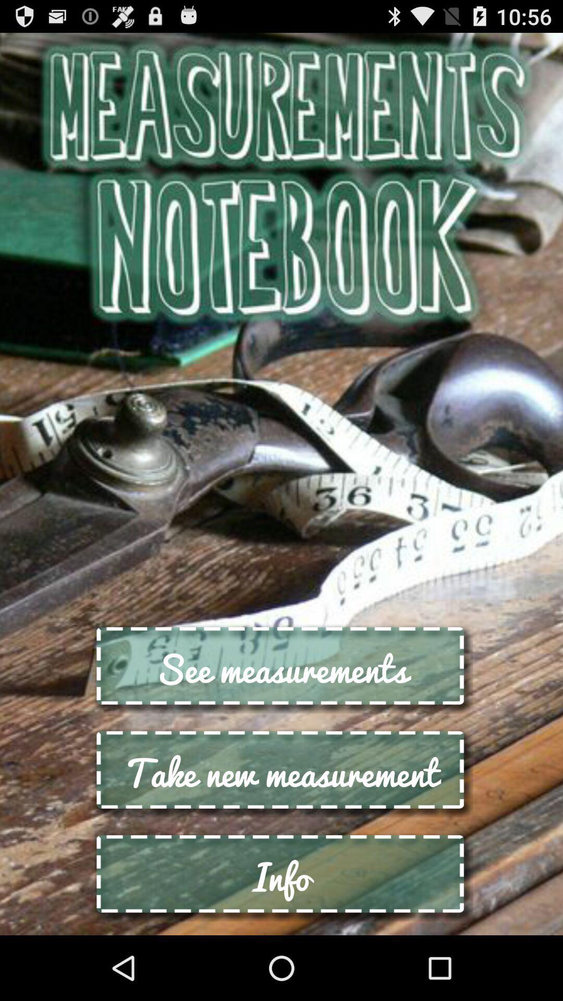  Describe the element at coordinates (281, 772) in the screenshot. I see `the button below see measurements icon` at that location.